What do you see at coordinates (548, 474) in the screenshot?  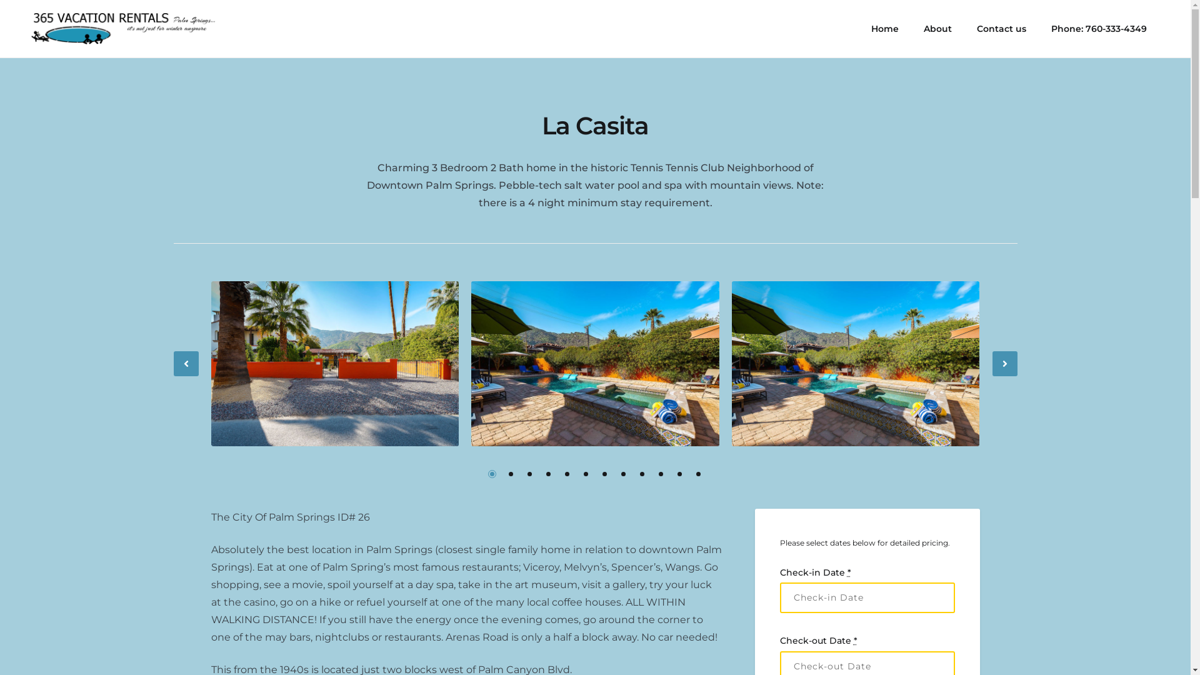 I see `'4'` at bounding box center [548, 474].